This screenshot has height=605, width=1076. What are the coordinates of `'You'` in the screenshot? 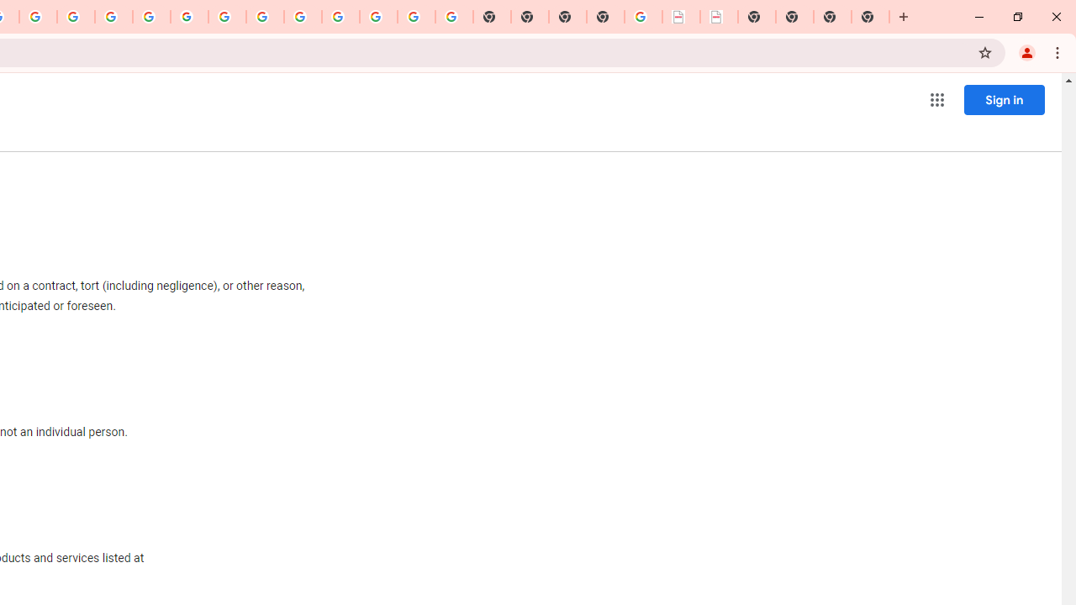 It's located at (1026, 51).